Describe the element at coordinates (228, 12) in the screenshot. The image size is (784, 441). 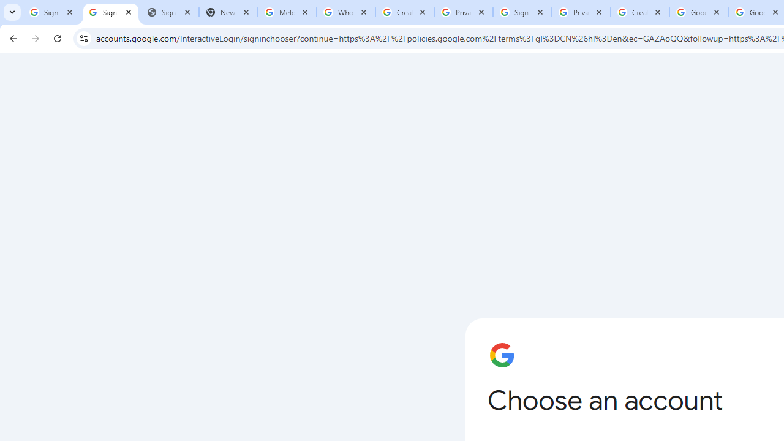
I see `'New Tab'` at that location.